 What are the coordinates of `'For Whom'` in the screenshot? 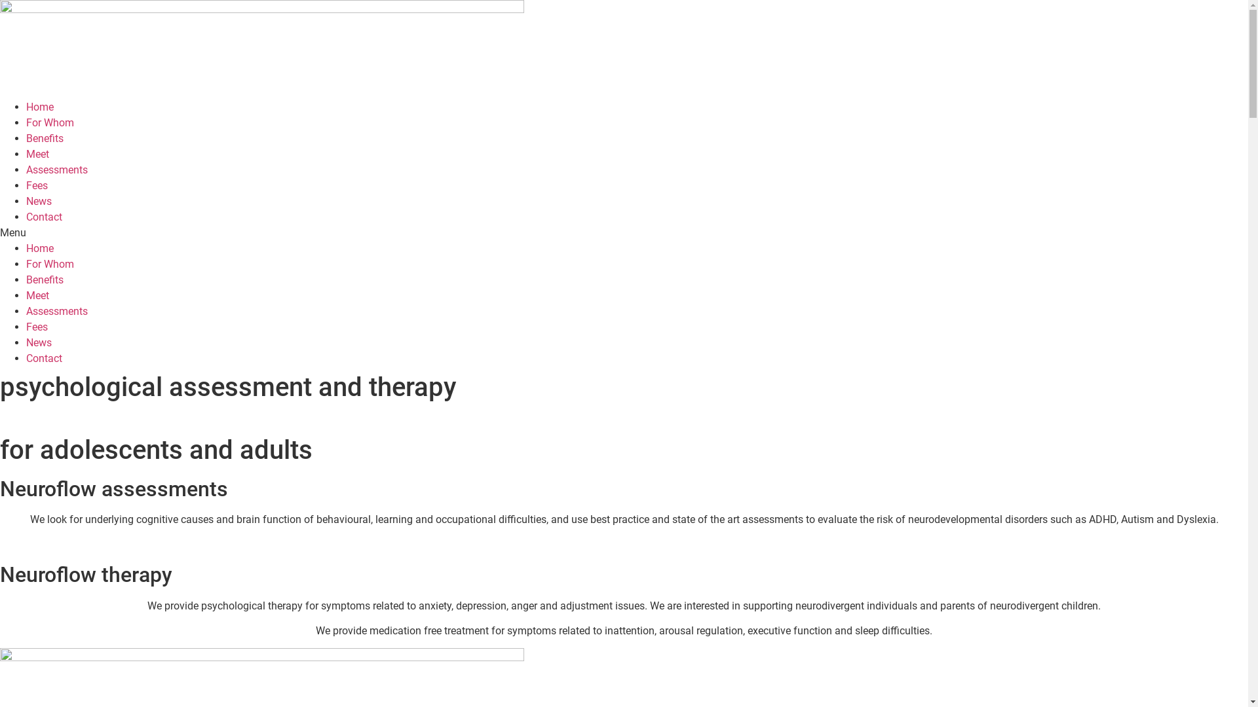 It's located at (26, 264).